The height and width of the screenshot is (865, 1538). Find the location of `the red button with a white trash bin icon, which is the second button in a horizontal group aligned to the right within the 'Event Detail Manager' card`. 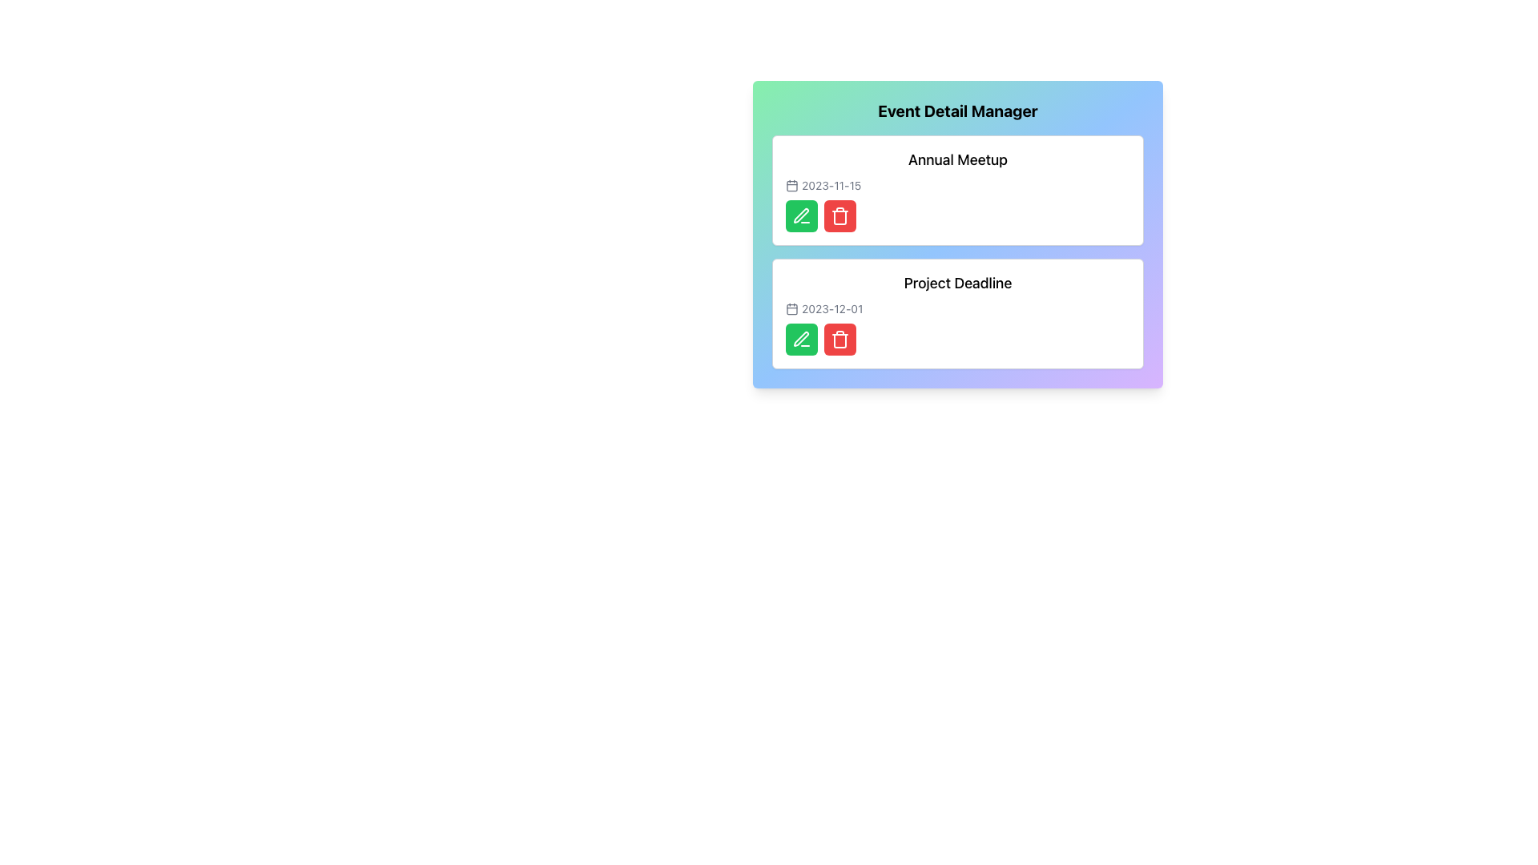

the red button with a white trash bin icon, which is the second button in a horizontal group aligned to the right within the 'Event Detail Manager' card is located at coordinates (839, 216).